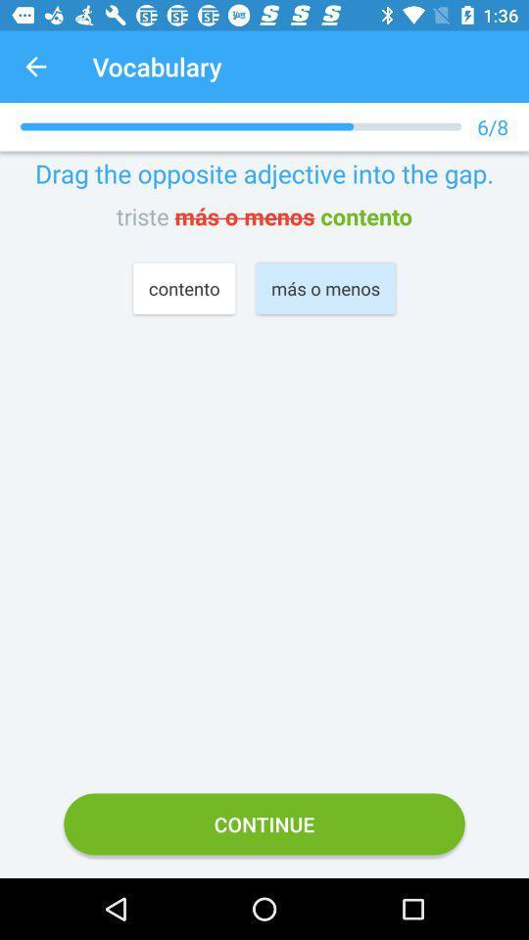  What do you see at coordinates (264, 822) in the screenshot?
I see `the icon below the contento` at bounding box center [264, 822].